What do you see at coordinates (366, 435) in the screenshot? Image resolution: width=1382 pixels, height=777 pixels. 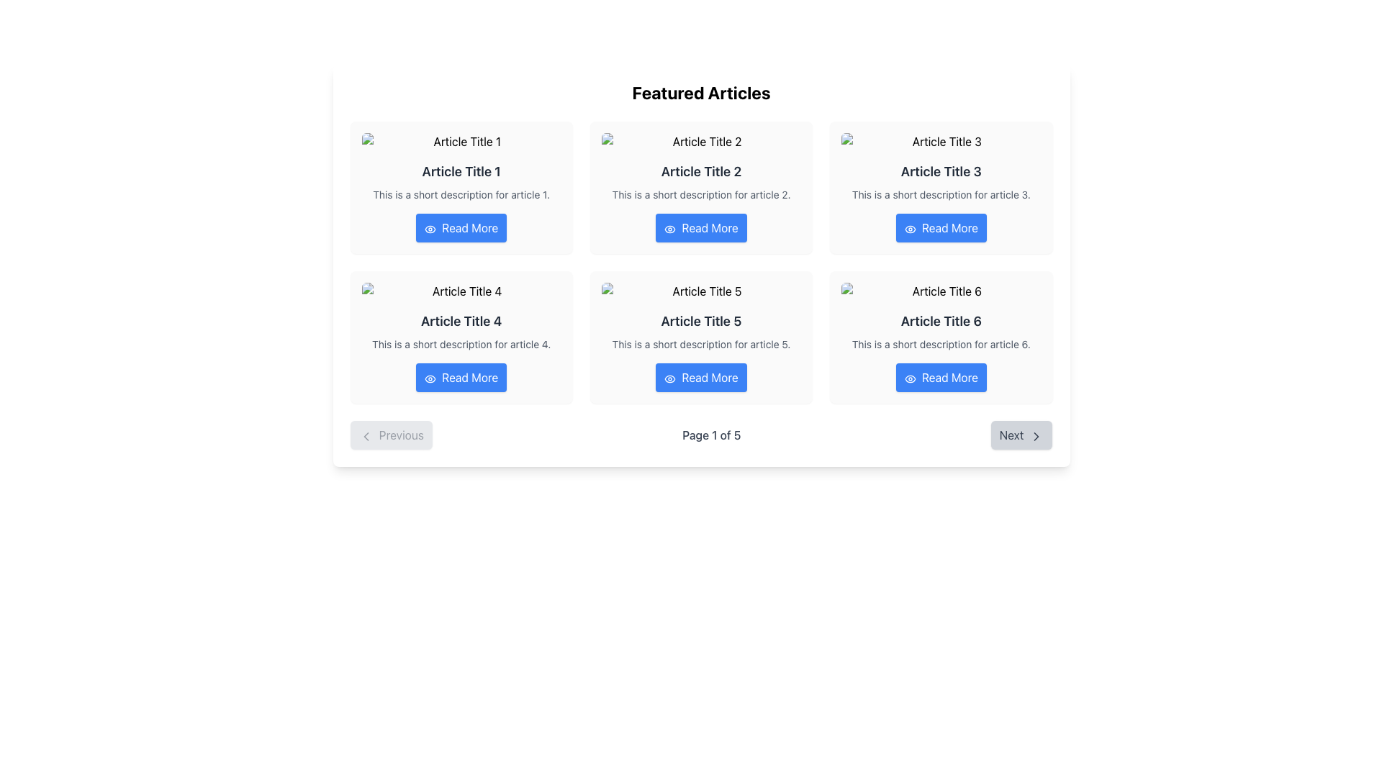 I see `the left-facing chevron icon located at the center of the 'Previous' button in the bottom-left corner of the navigation control panel` at bounding box center [366, 435].